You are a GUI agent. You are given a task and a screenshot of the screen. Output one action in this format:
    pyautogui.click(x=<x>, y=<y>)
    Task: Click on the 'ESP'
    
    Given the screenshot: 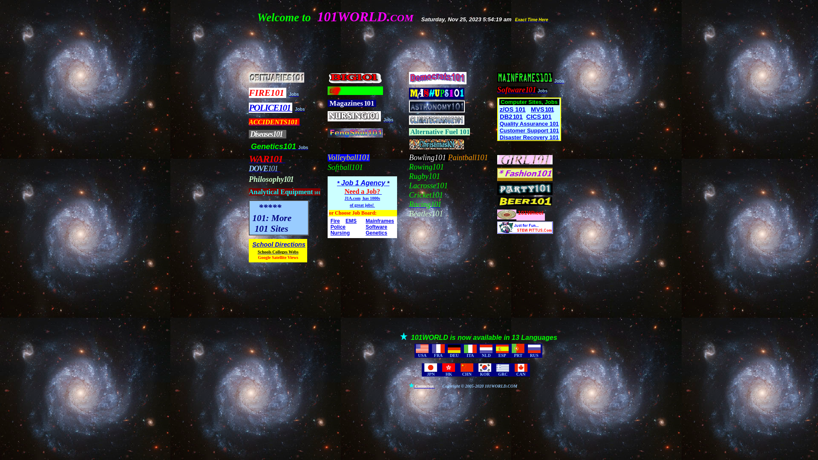 What is the action you would take?
    pyautogui.click(x=502, y=355)
    